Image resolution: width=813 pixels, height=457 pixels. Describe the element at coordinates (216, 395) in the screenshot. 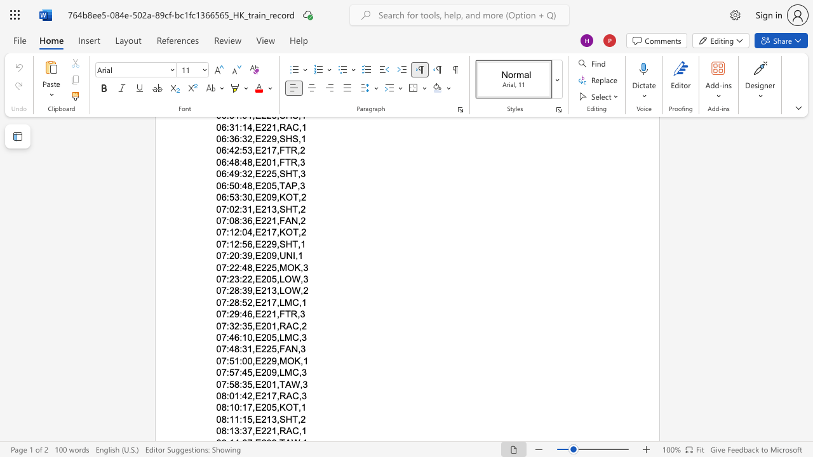

I see `the subset text "08:01:42,E21" within the text "08:01:42,E217,RAC,3"` at that location.